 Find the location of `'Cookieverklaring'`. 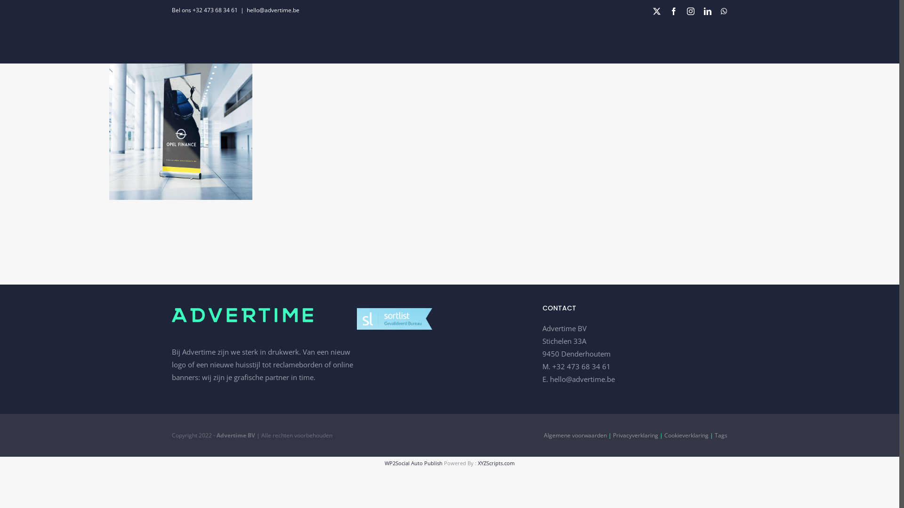

'Cookieverklaring' is located at coordinates (686, 435).